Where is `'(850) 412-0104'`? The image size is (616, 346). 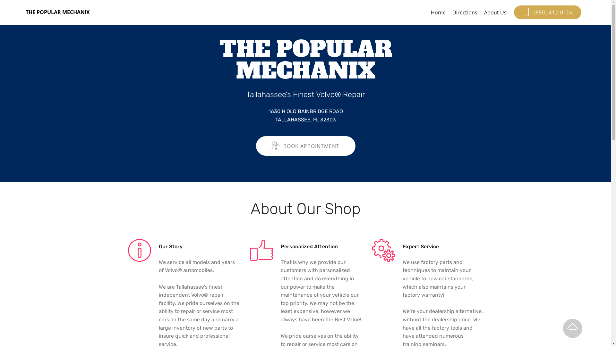
'(850) 412-0104' is located at coordinates (547, 12).